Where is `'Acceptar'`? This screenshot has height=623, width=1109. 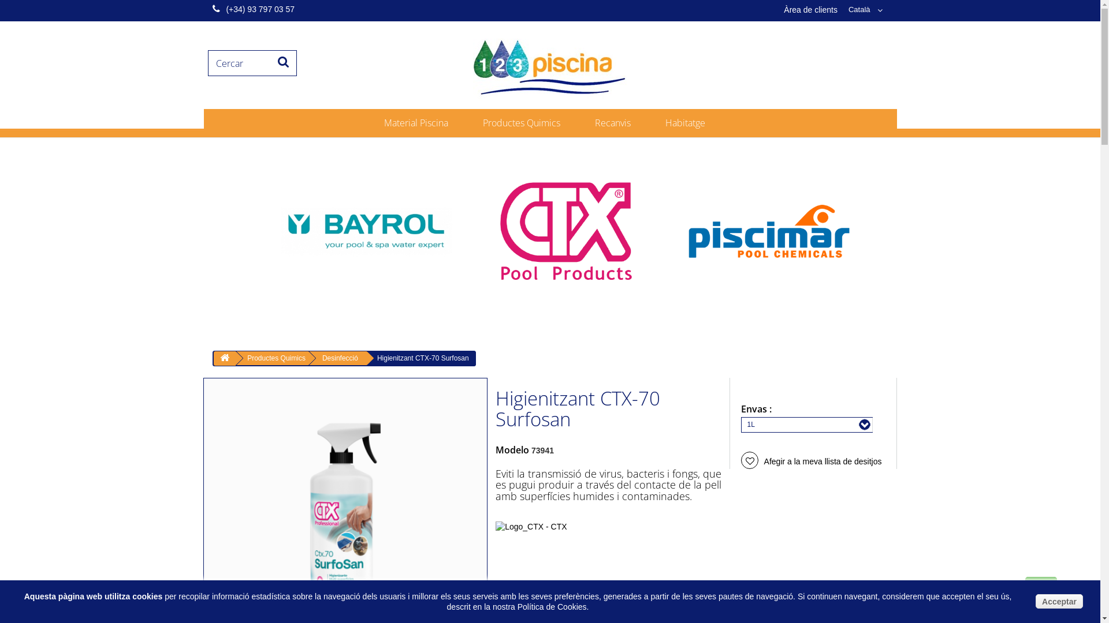 'Acceptar' is located at coordinates (1059, 601).